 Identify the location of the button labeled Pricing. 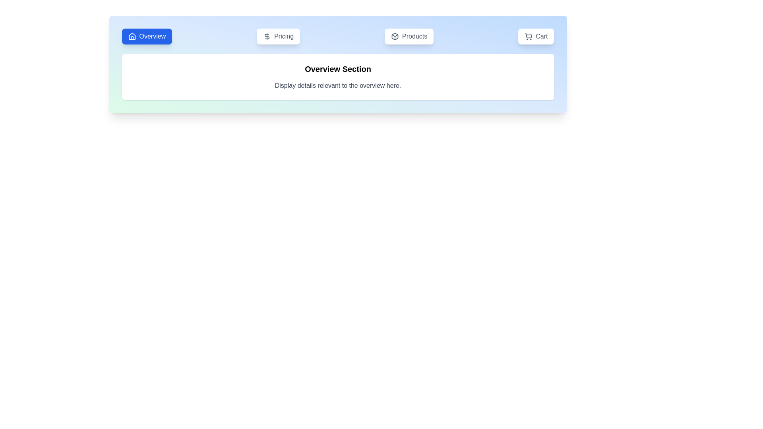
(278, 37).